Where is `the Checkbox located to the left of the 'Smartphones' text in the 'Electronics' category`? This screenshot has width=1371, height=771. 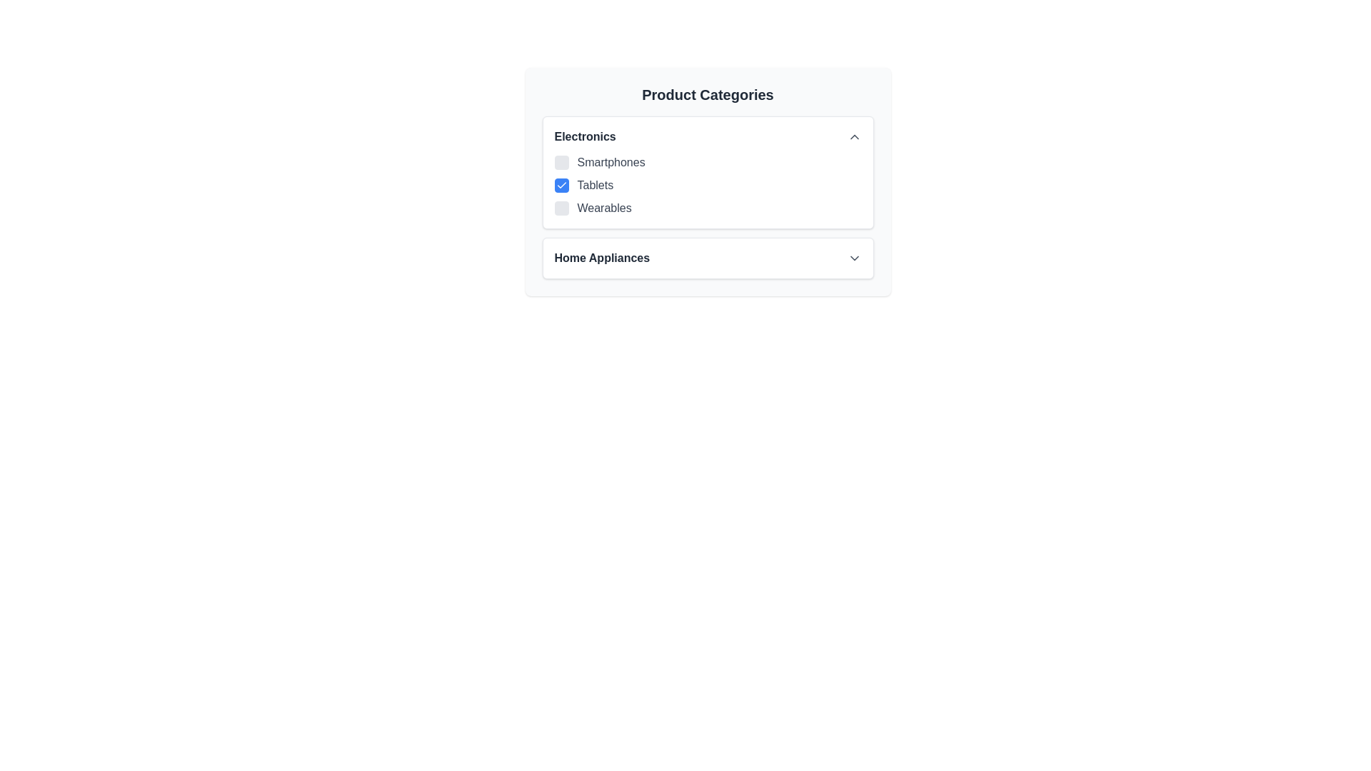
the Checkbox located to the left of the 'Smartphones' text in the 'Electronics' category is located at coordinates (561, 161).